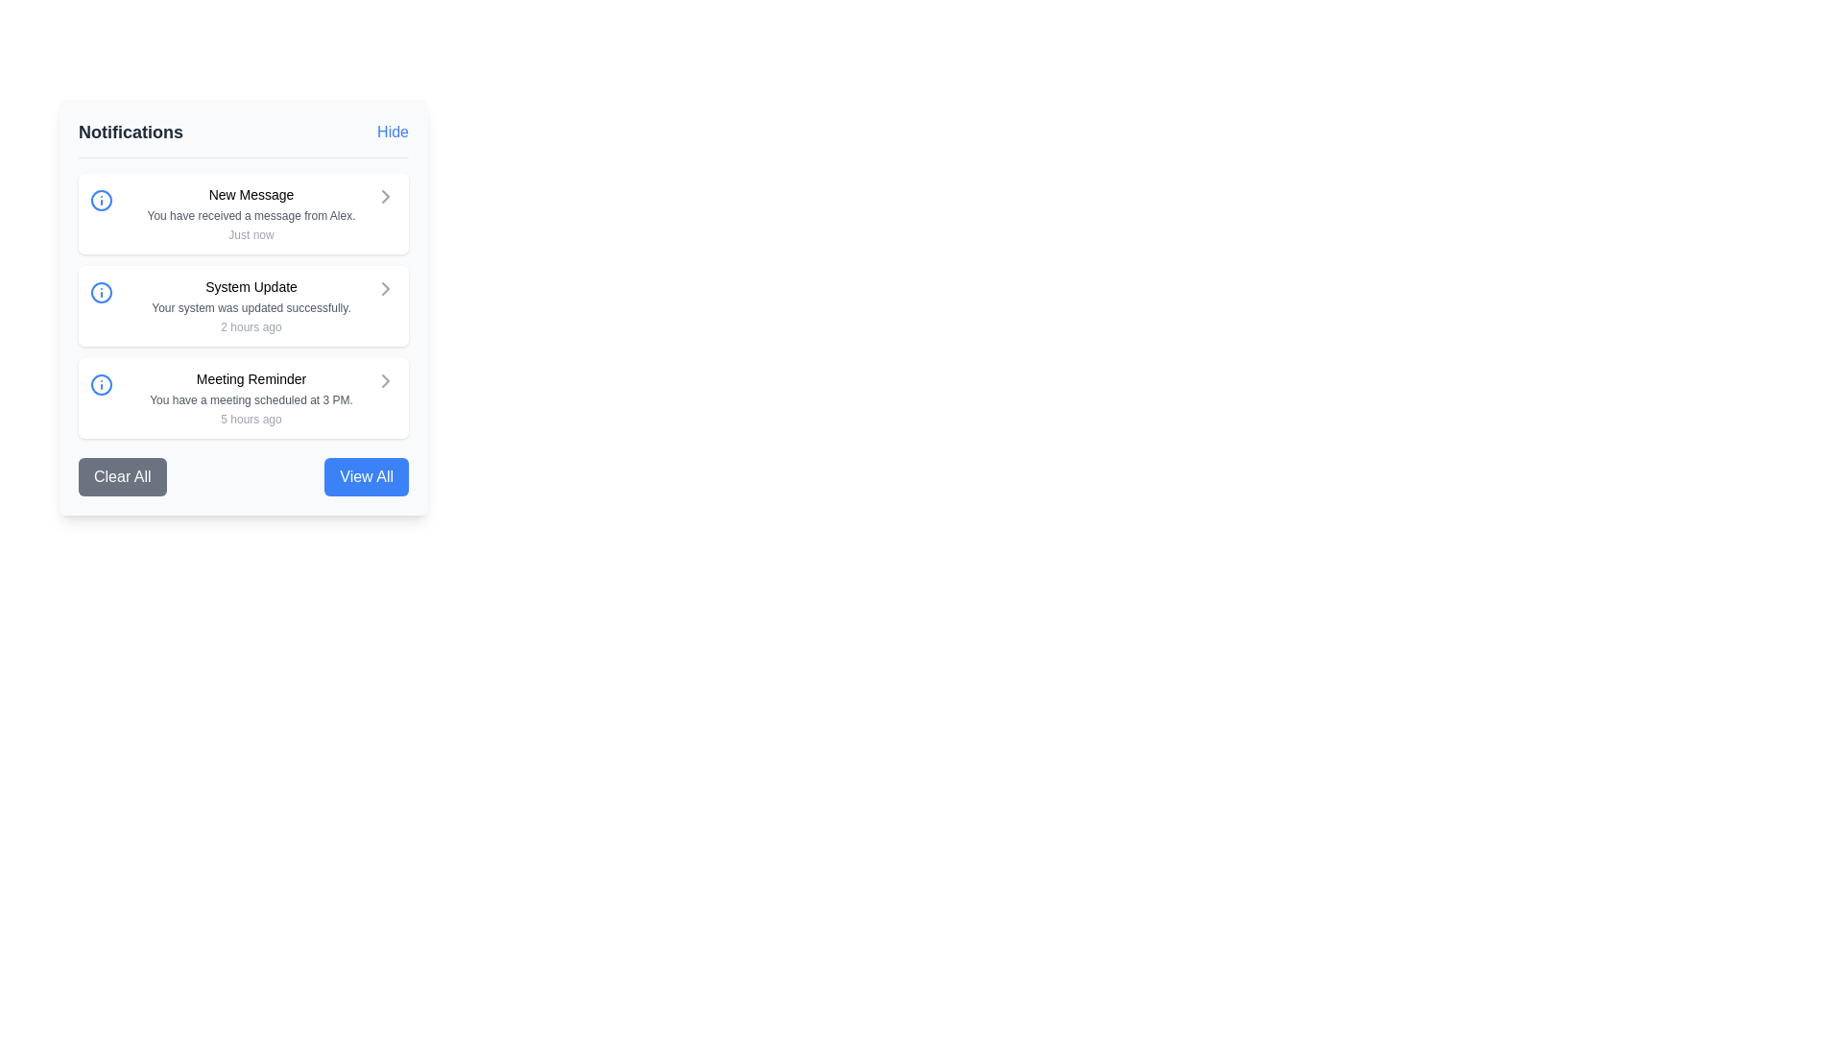  I want to click on the rightward-pointing gray chevron icon located at the far right of the 'System Update' notification card, so click(385, 288).